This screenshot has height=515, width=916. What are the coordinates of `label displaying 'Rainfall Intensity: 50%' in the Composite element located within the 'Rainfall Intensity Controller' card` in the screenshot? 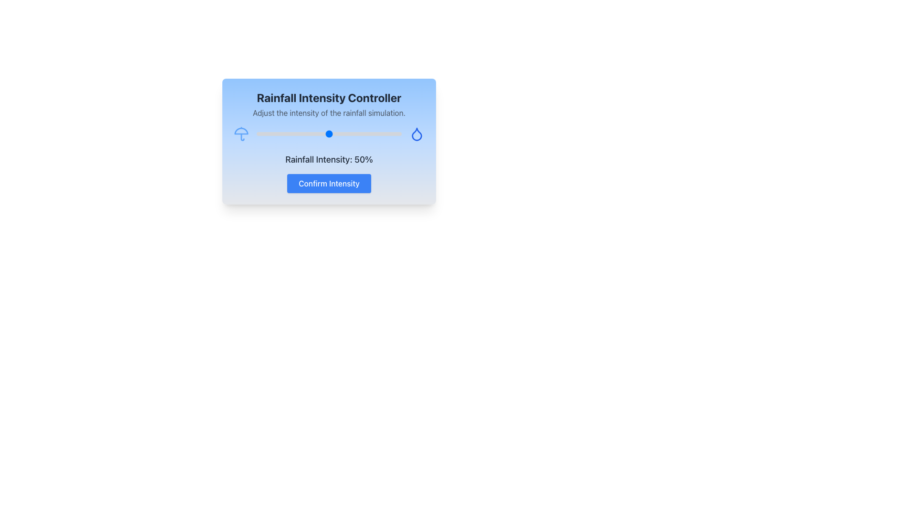 It's located at (329, 173).